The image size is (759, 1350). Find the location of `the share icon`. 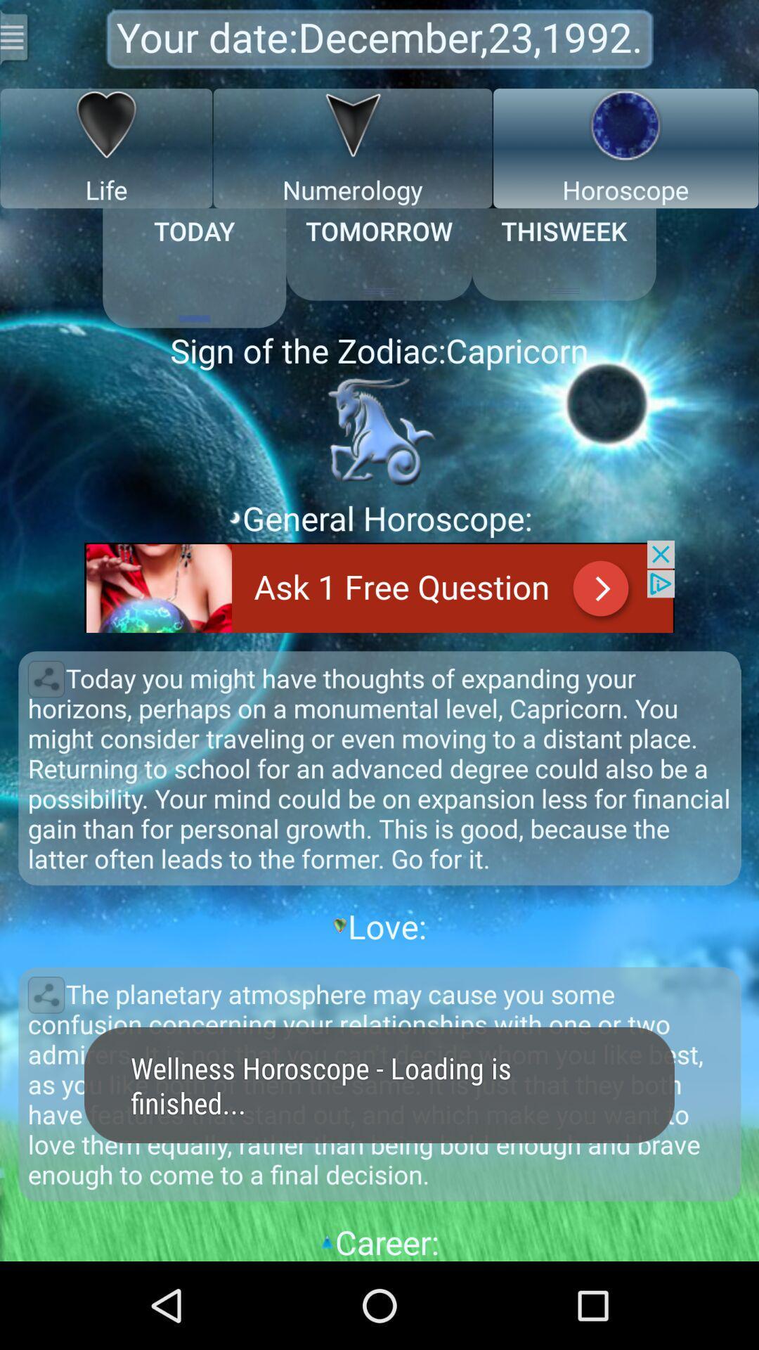

the share icon is located at coordinates (45, 1065).